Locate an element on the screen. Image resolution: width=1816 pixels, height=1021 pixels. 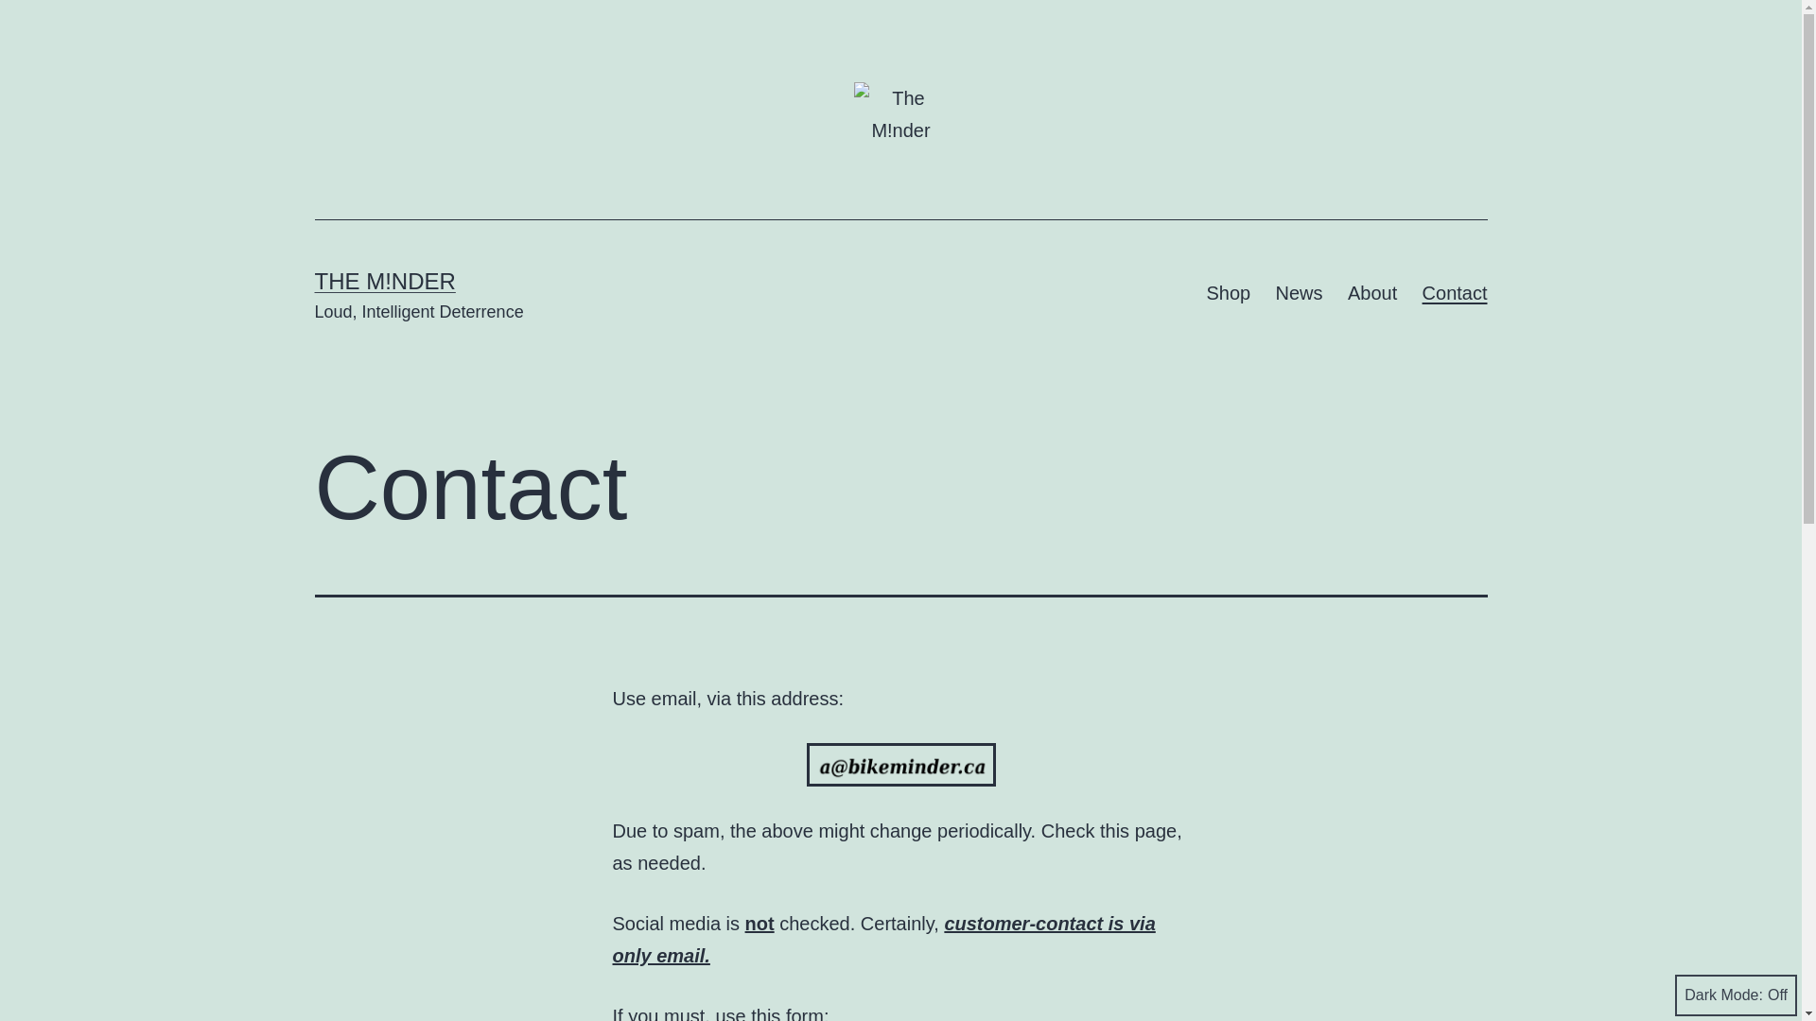
'Dark Mode:' is located at coordinates (1736, 995).